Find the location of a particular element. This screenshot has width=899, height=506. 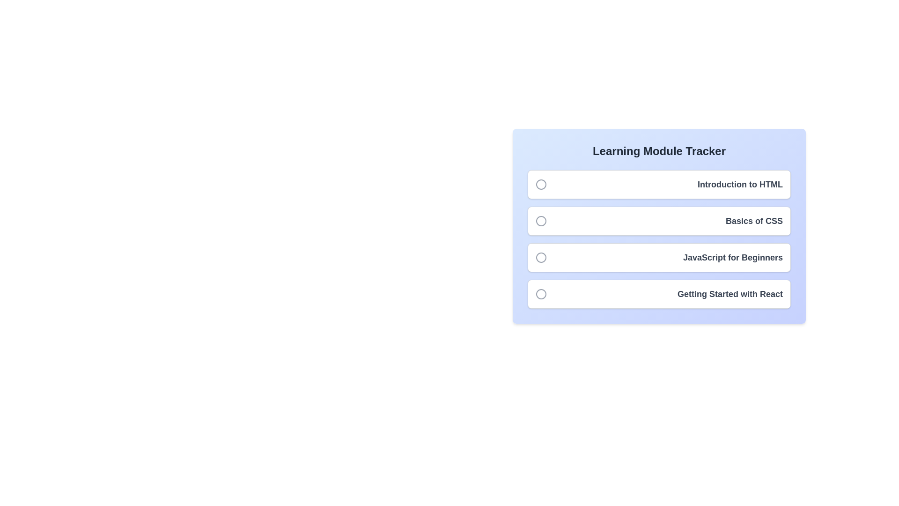

the SVG Circle that is part of the 'Getting Started with React' selection module is located at coordinates (541, 294).